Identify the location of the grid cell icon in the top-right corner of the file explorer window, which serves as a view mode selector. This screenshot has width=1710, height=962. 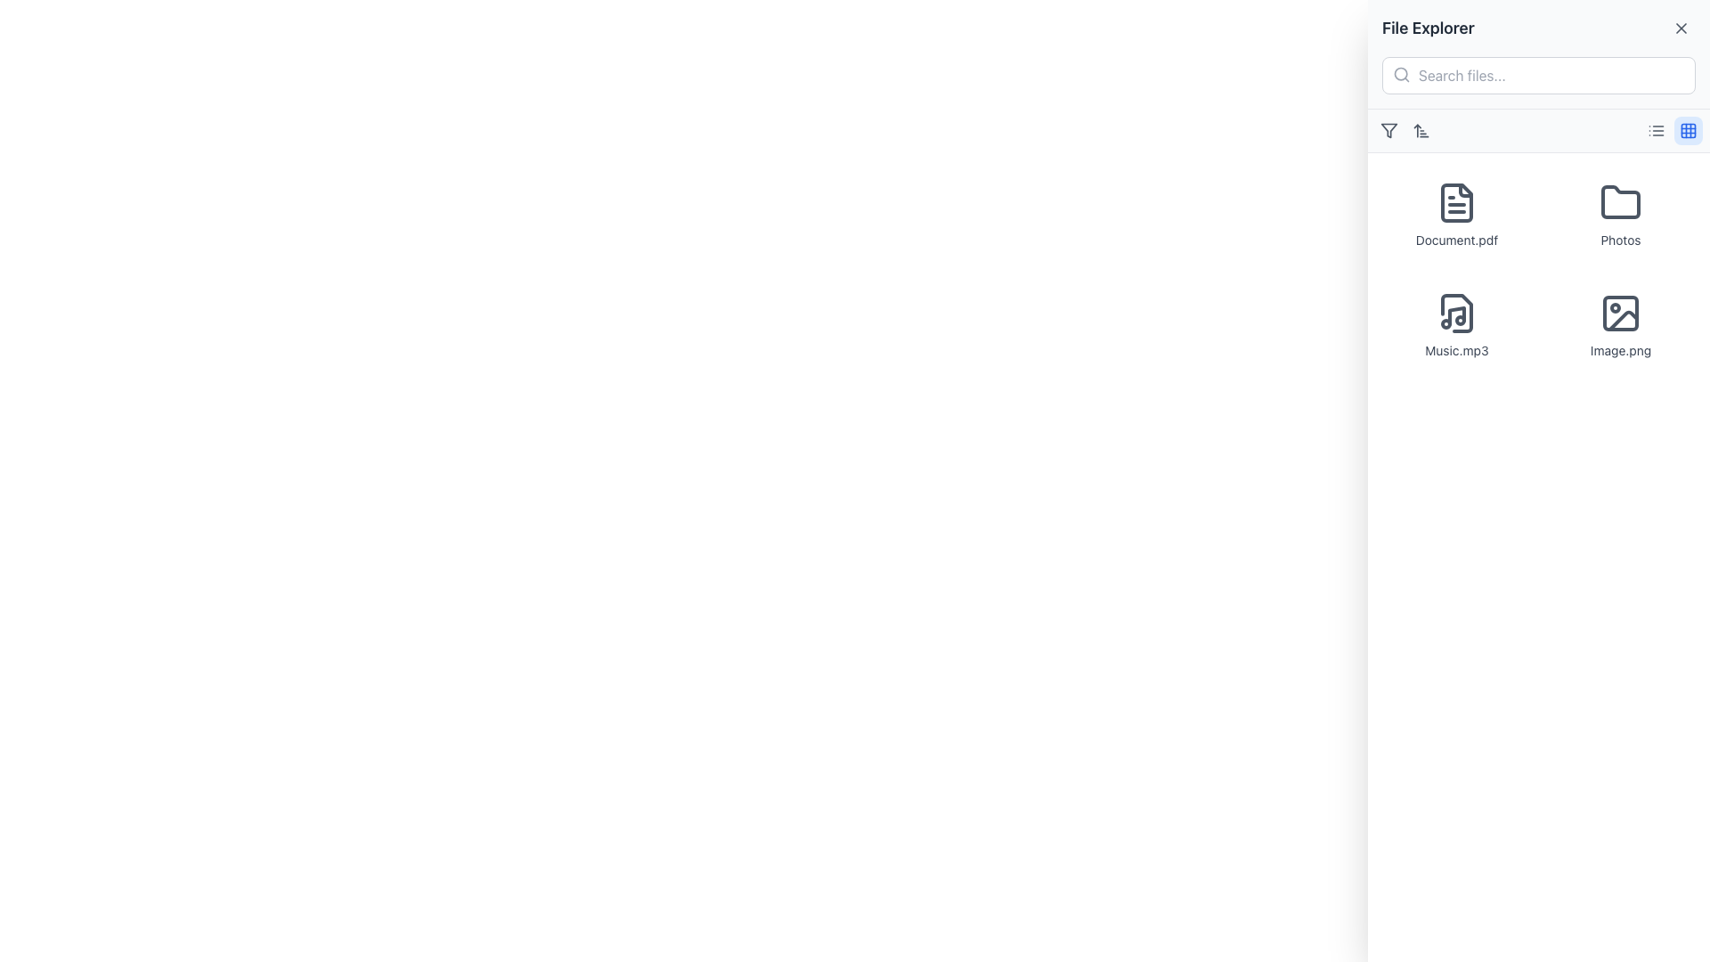
(1688, 129).